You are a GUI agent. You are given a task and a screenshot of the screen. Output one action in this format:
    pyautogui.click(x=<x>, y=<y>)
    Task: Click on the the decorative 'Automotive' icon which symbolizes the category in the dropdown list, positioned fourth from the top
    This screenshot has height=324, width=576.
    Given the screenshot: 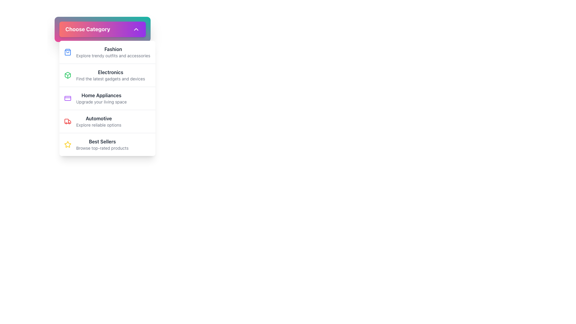 What is the action you would take?
    pyautogui.click(x=66, y=121)
    